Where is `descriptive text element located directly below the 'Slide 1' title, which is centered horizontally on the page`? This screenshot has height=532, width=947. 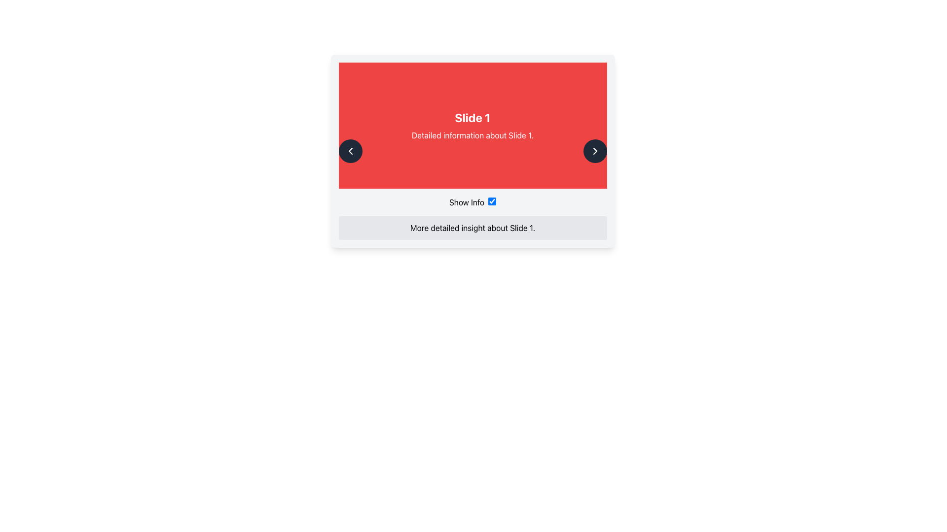
descriptive text element located directly below the 'Slide 1' title, which is centered horizontally on the page is located at coordinates (472, 135).